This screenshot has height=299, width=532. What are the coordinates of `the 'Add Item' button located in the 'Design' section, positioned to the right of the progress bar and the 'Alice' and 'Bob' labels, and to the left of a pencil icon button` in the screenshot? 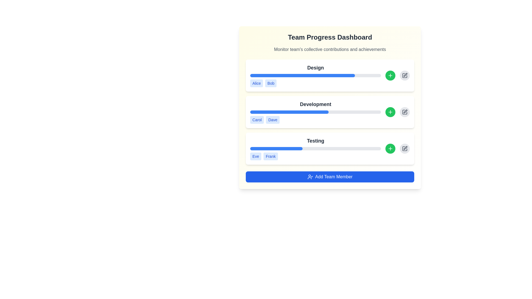 It's located at (390, 76).